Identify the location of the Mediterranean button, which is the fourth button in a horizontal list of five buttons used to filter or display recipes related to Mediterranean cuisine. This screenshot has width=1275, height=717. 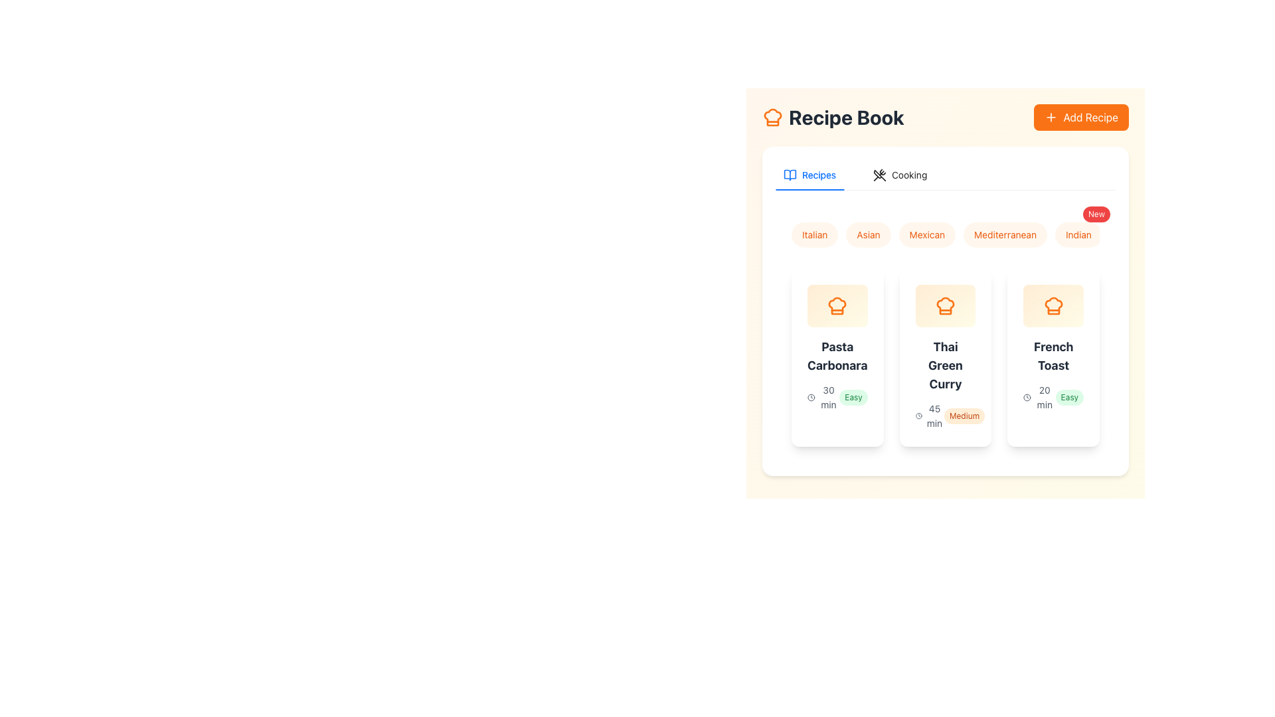
(1005, 234).